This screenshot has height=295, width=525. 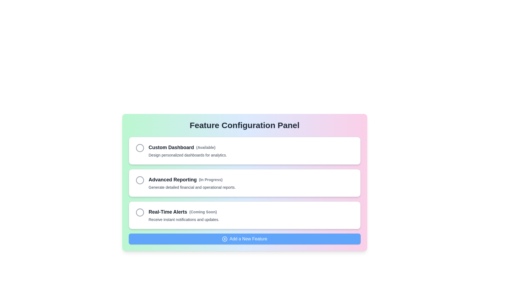 I want to click on the text block that provides information about the 'Custom Dashboard' feature, which is located in the 'Feature Configuration Panel' and is positioned above 'Advanced Reporting' and 'Real-Time Alerts', so click(x=188, y=151).